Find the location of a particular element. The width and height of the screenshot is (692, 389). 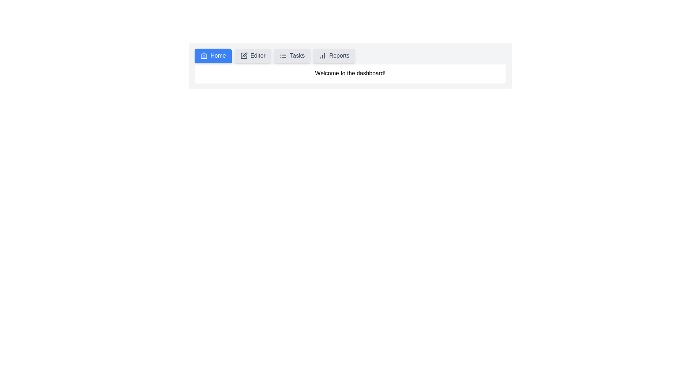

the tab button corresponding to Editor is located at coordinates (252, 55).